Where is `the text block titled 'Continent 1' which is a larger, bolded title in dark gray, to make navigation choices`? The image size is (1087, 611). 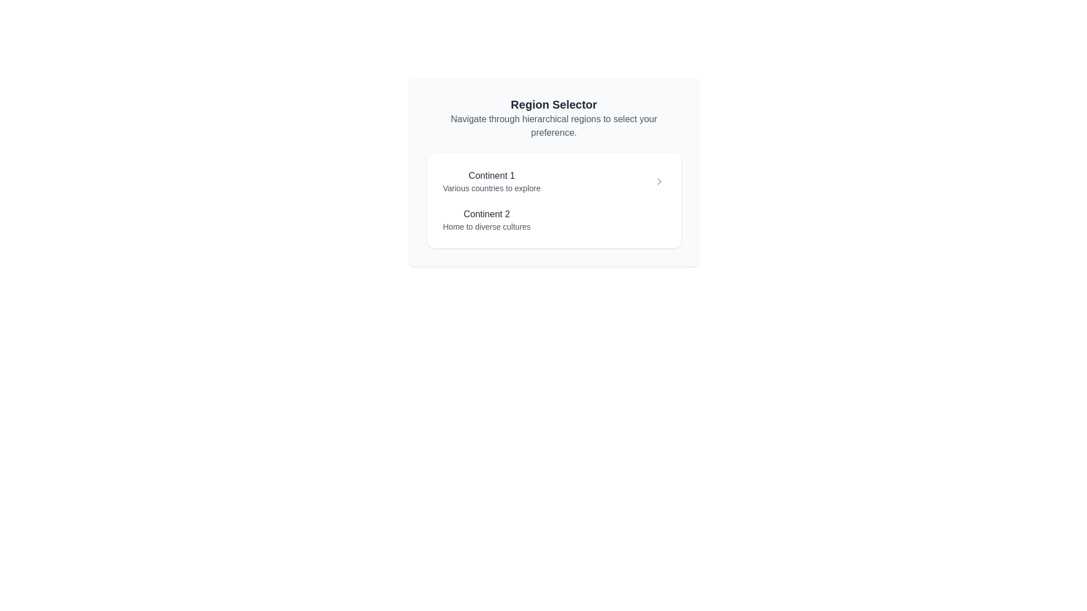
the text block titled 'Continent 1' which is a larger, bolded title in dark gray, to make navigation choices is located at coordinates (491, 180).